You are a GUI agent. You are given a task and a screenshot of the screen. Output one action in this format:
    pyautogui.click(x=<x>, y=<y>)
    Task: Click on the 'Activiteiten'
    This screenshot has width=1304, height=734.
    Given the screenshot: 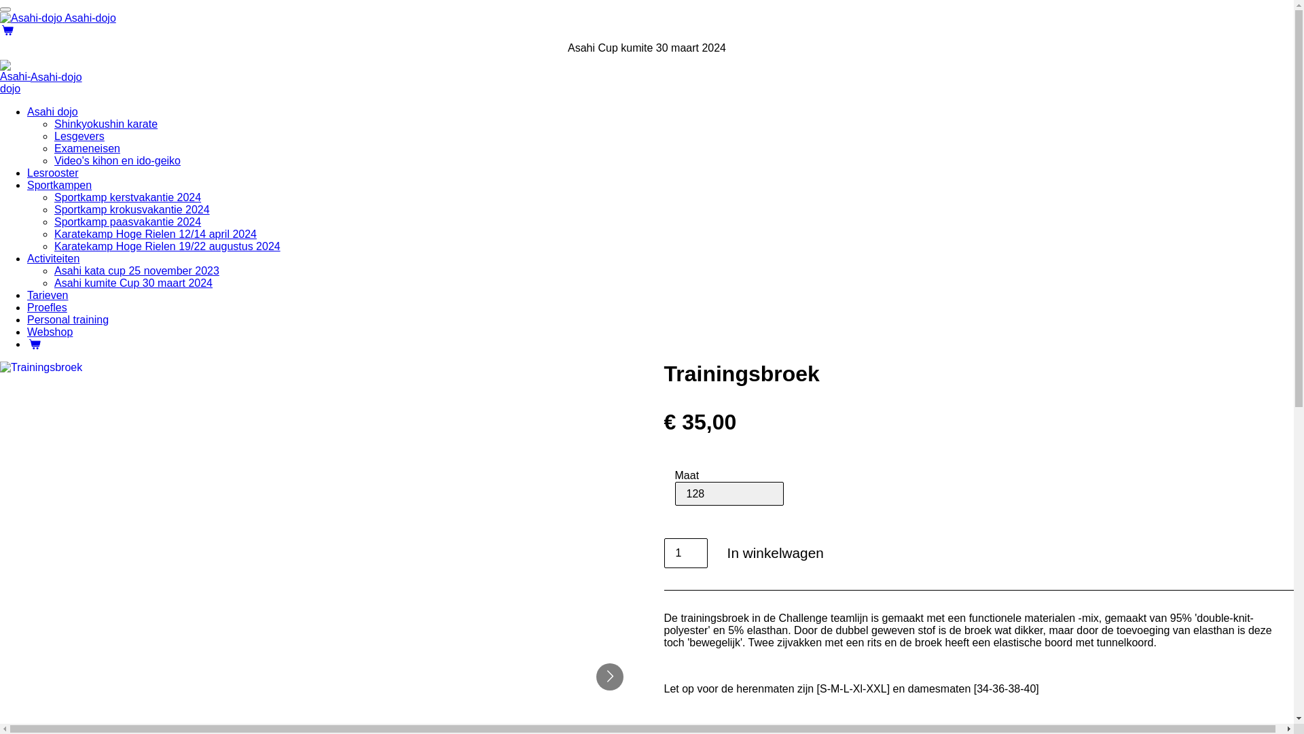 What is the action you would take?
    pyautogui.click(x=53, y=258)
    